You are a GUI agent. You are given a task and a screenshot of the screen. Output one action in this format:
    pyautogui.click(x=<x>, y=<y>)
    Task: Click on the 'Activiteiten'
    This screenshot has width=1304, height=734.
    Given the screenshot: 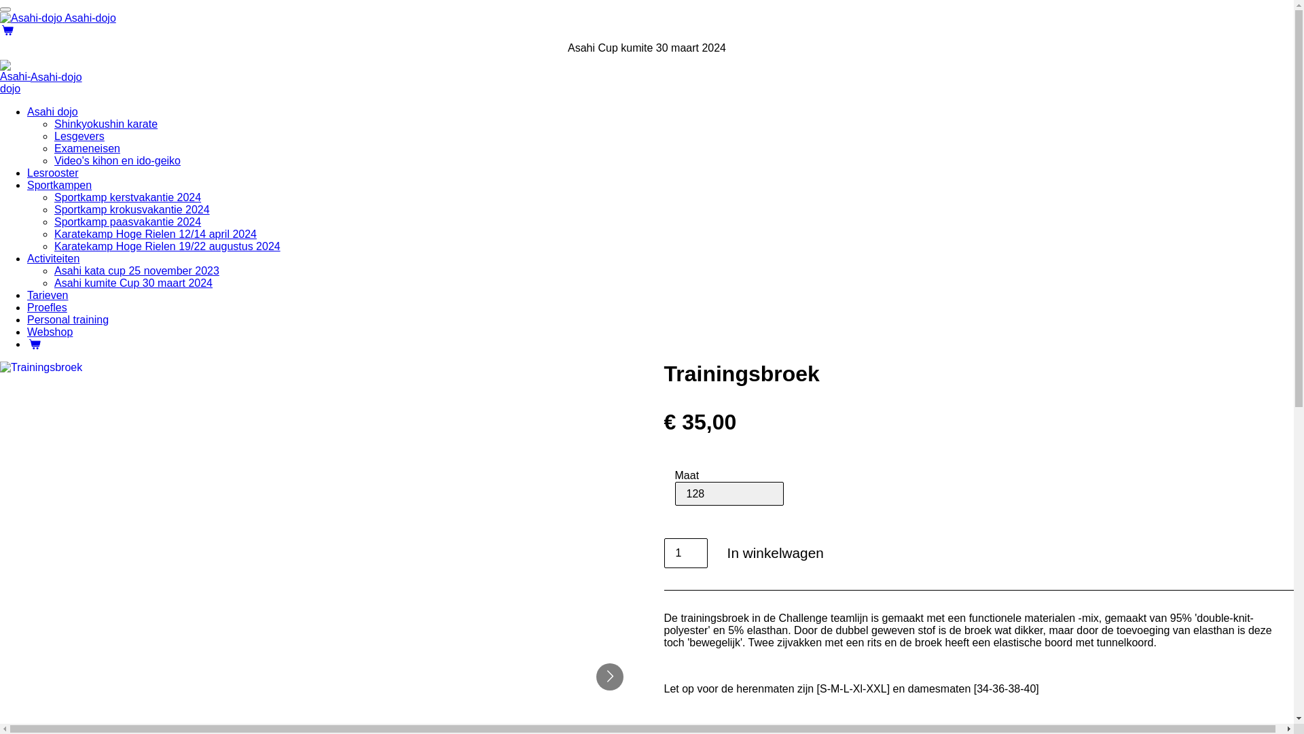 What is the action you would take?
    pyautogui.click(x=53, y=258)
    